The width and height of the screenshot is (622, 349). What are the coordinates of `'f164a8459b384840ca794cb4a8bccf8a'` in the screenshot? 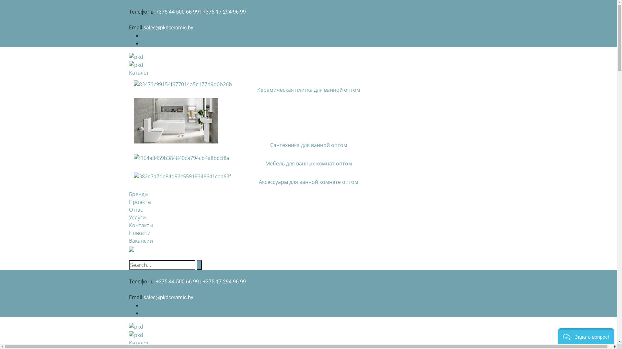 It's located at (181, 158).